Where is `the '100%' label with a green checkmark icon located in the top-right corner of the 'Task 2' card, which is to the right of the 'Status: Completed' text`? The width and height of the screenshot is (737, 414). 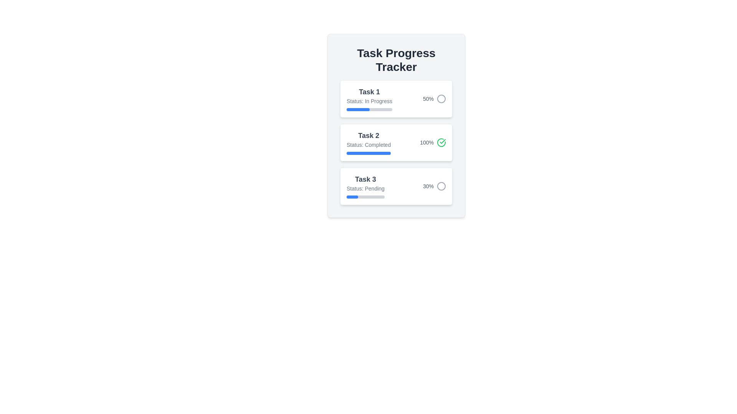
the '100%' label with a green checkmark icon located in the top-right corner of the 'Task 2' card, which is to the right of the 'Status: Completed' text is located at coordinates (433, 142).